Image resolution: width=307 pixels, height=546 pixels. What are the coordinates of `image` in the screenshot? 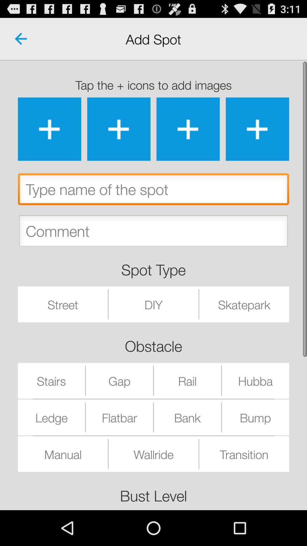 It's located at (119, 129).